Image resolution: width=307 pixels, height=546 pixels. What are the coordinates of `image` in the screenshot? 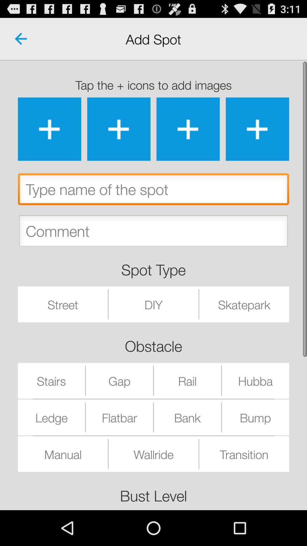 It's located at (119, 129).